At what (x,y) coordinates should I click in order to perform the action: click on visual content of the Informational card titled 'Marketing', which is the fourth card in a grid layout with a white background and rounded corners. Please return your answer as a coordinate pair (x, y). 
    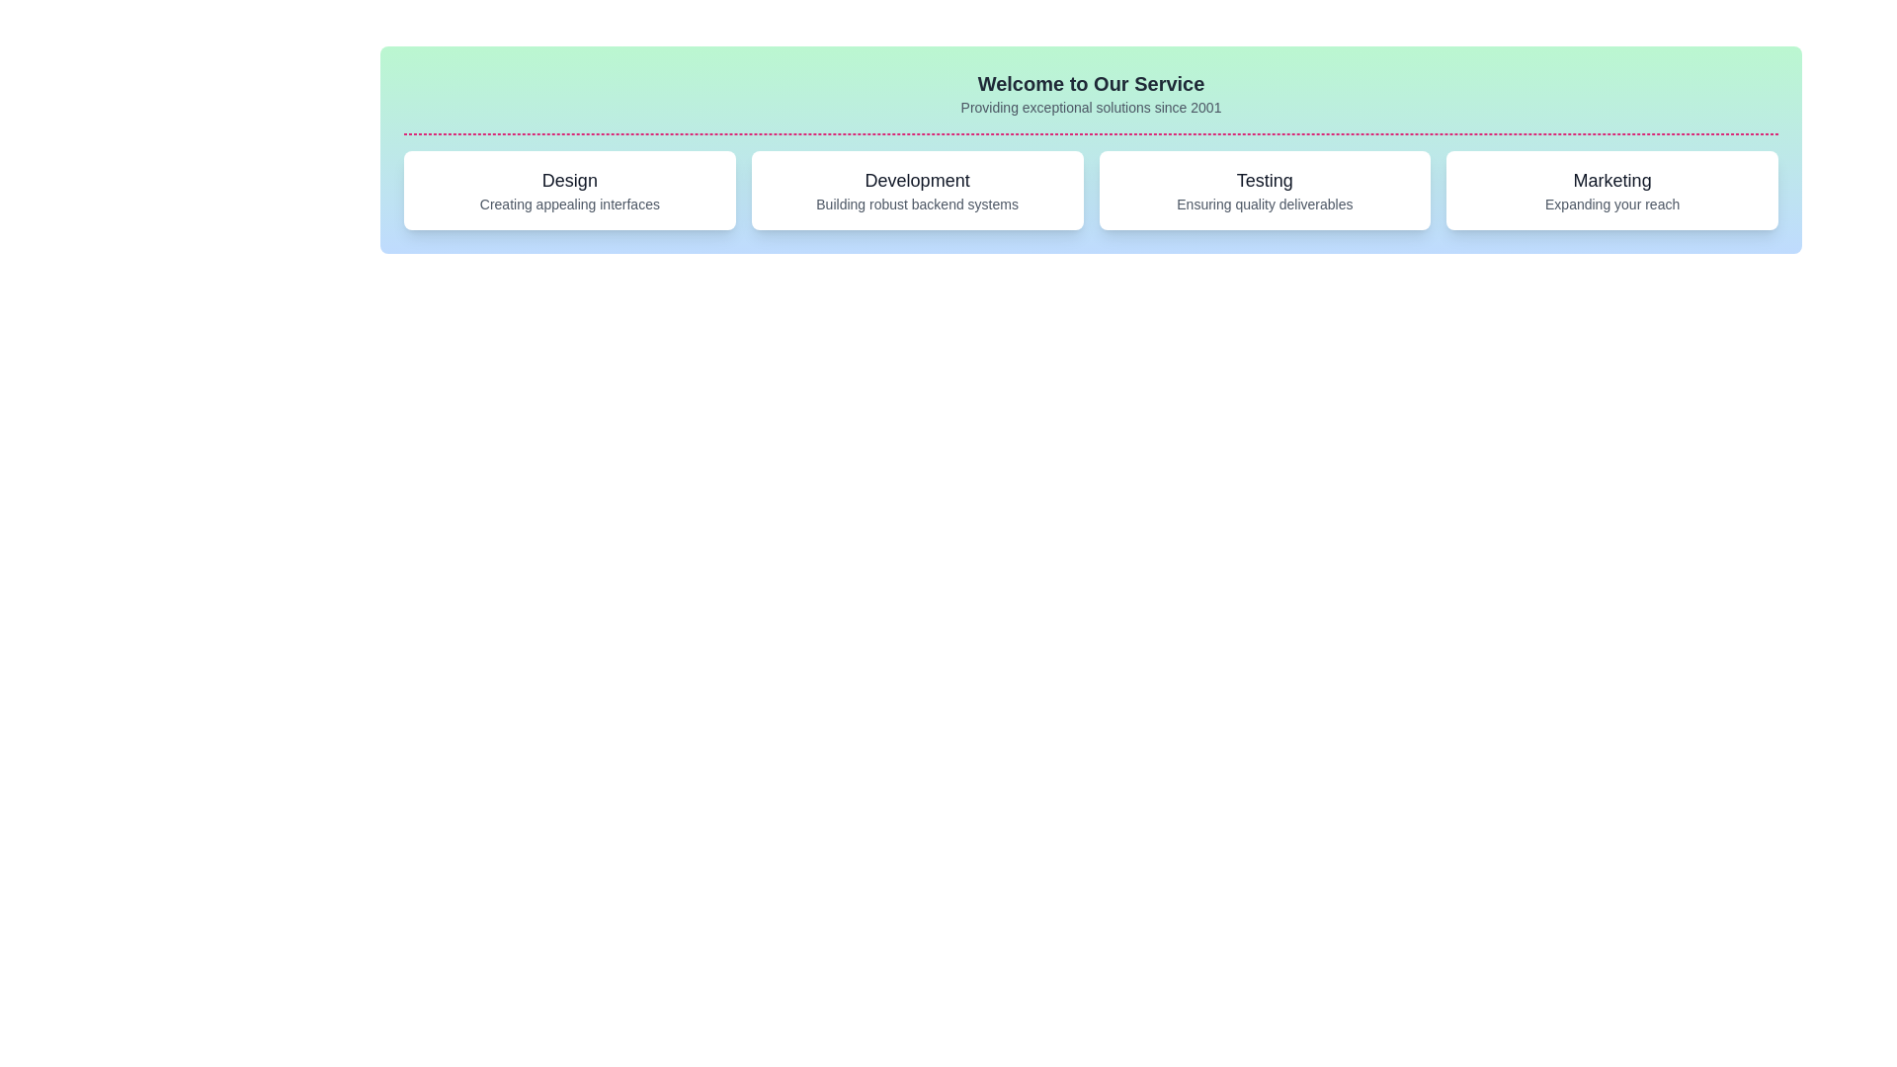
    Looking at the image, I should click on (1612, 190).